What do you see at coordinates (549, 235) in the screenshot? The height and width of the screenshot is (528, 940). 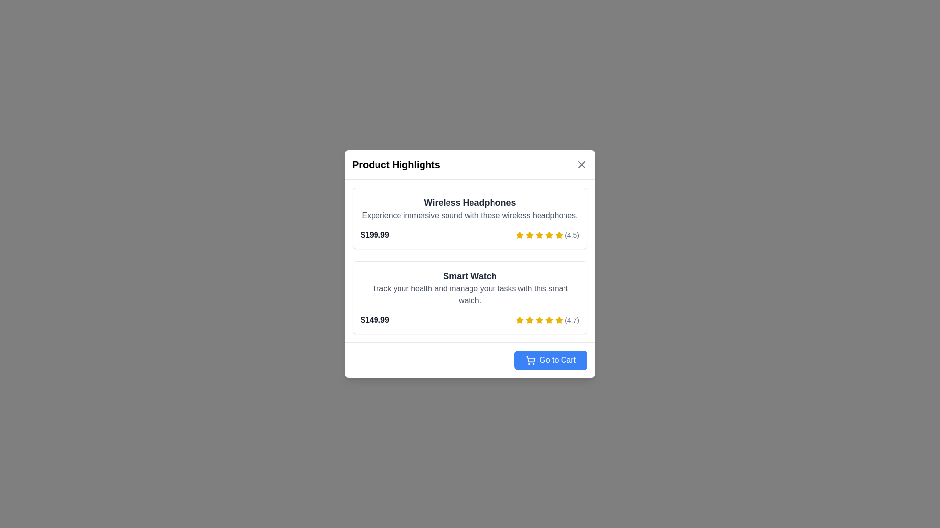 I see `the yellow star icon representing the fifth star in the five-star rating system for 'Wireless Headphones'` at bounding box center [549, 235].